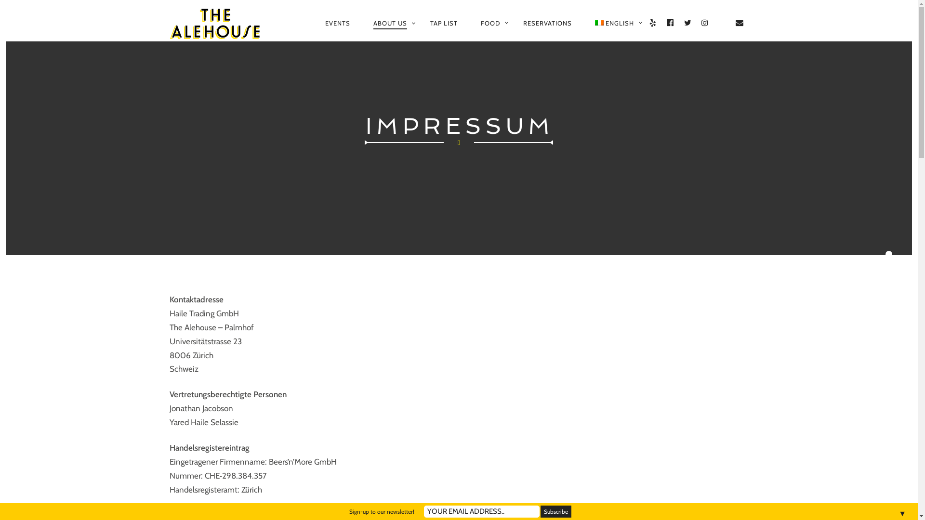 The height and width of the screenshot is (520, 925). Describe the element at coordinates (687, 22) in the screenshot. I see `'TWITTER'` at that location.